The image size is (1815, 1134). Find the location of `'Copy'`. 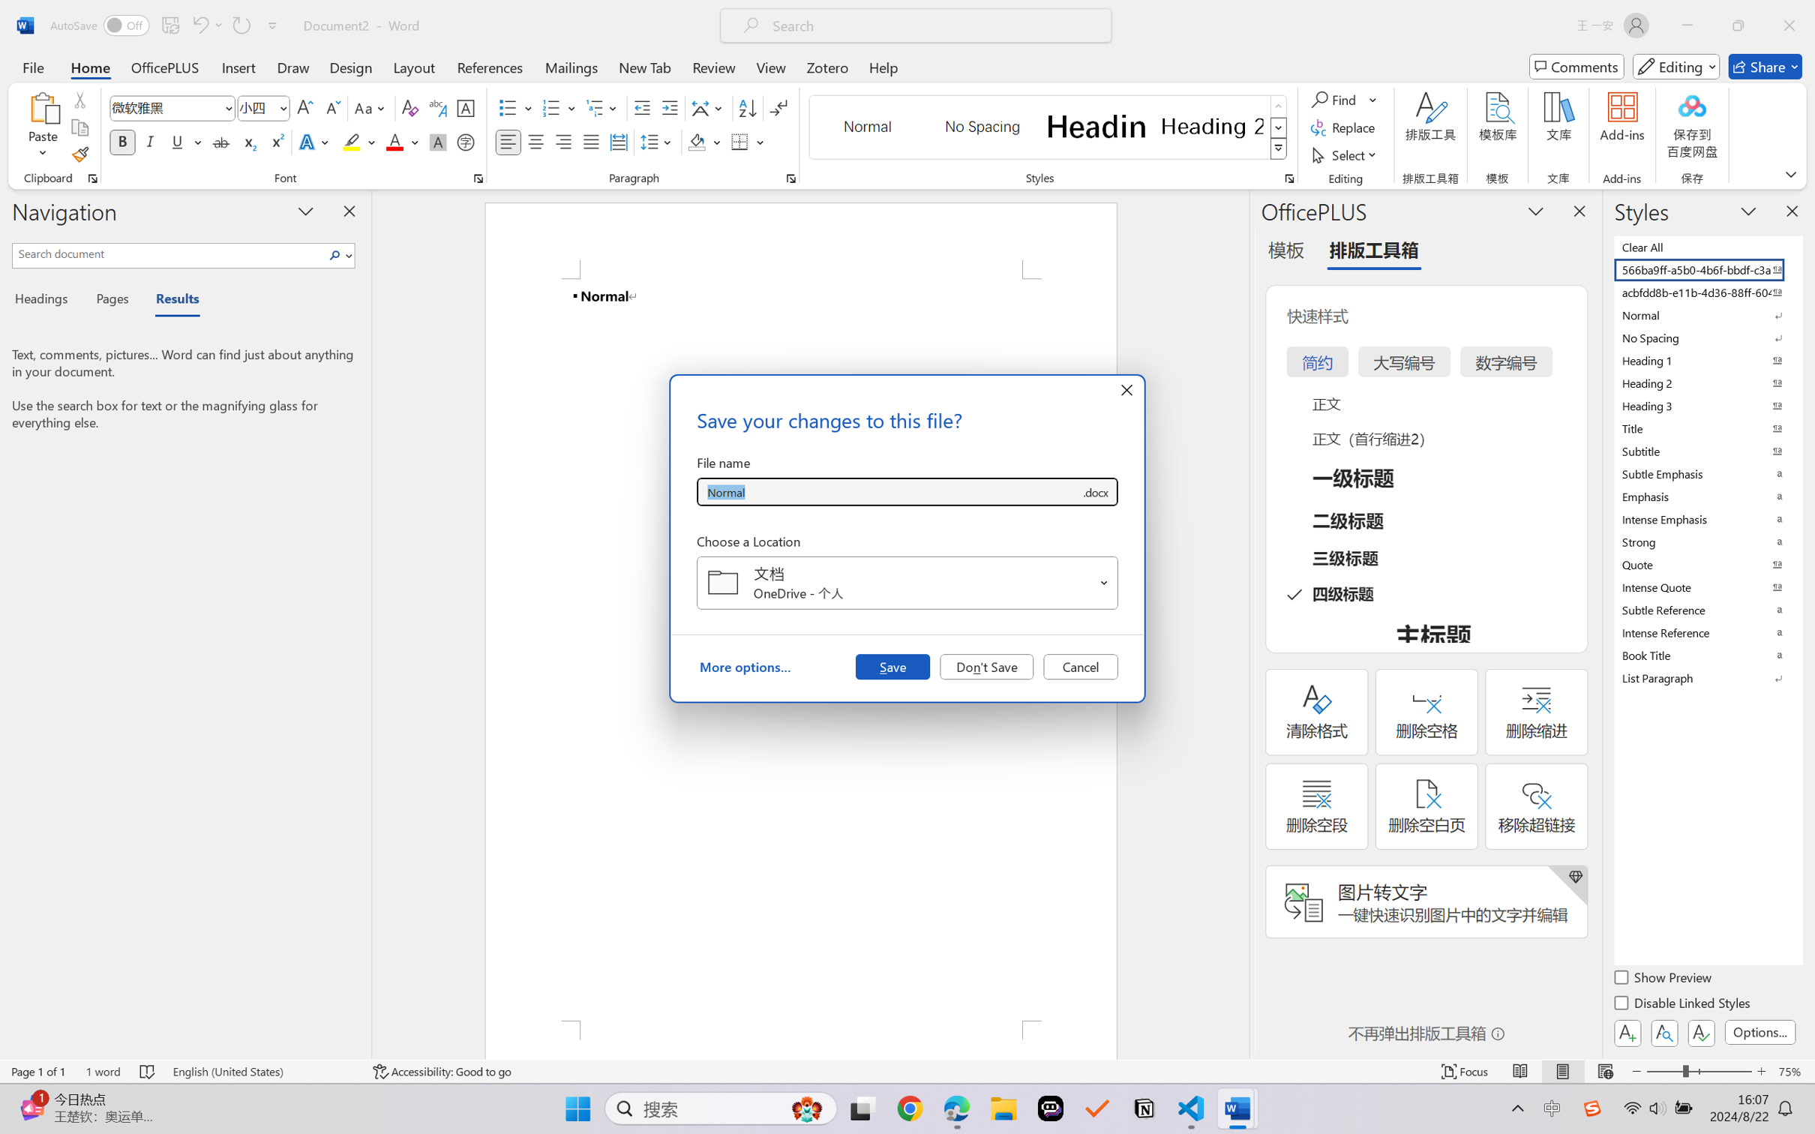

'Copy' is located at coordinates (79, 127).